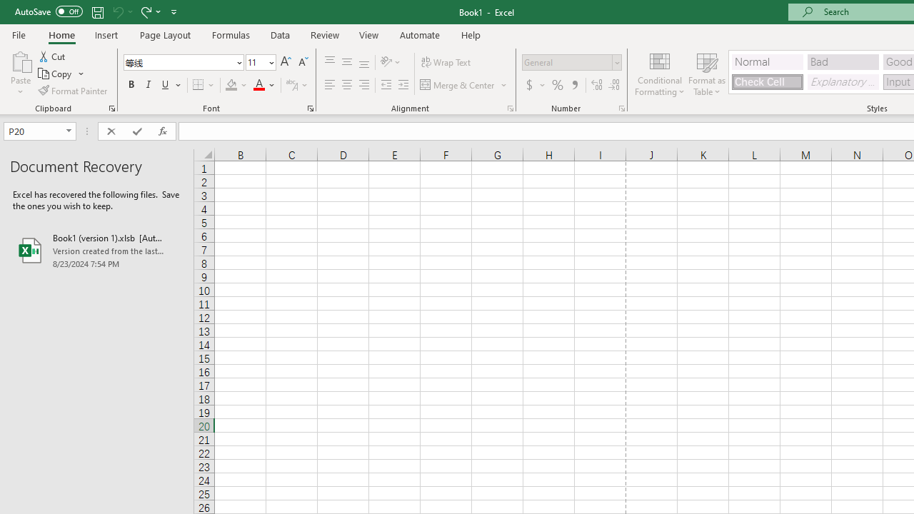 The image size is (914, 514). Describe the element at coordinates (843, 61) in the screenshot. I see `'Bad'` at that location.